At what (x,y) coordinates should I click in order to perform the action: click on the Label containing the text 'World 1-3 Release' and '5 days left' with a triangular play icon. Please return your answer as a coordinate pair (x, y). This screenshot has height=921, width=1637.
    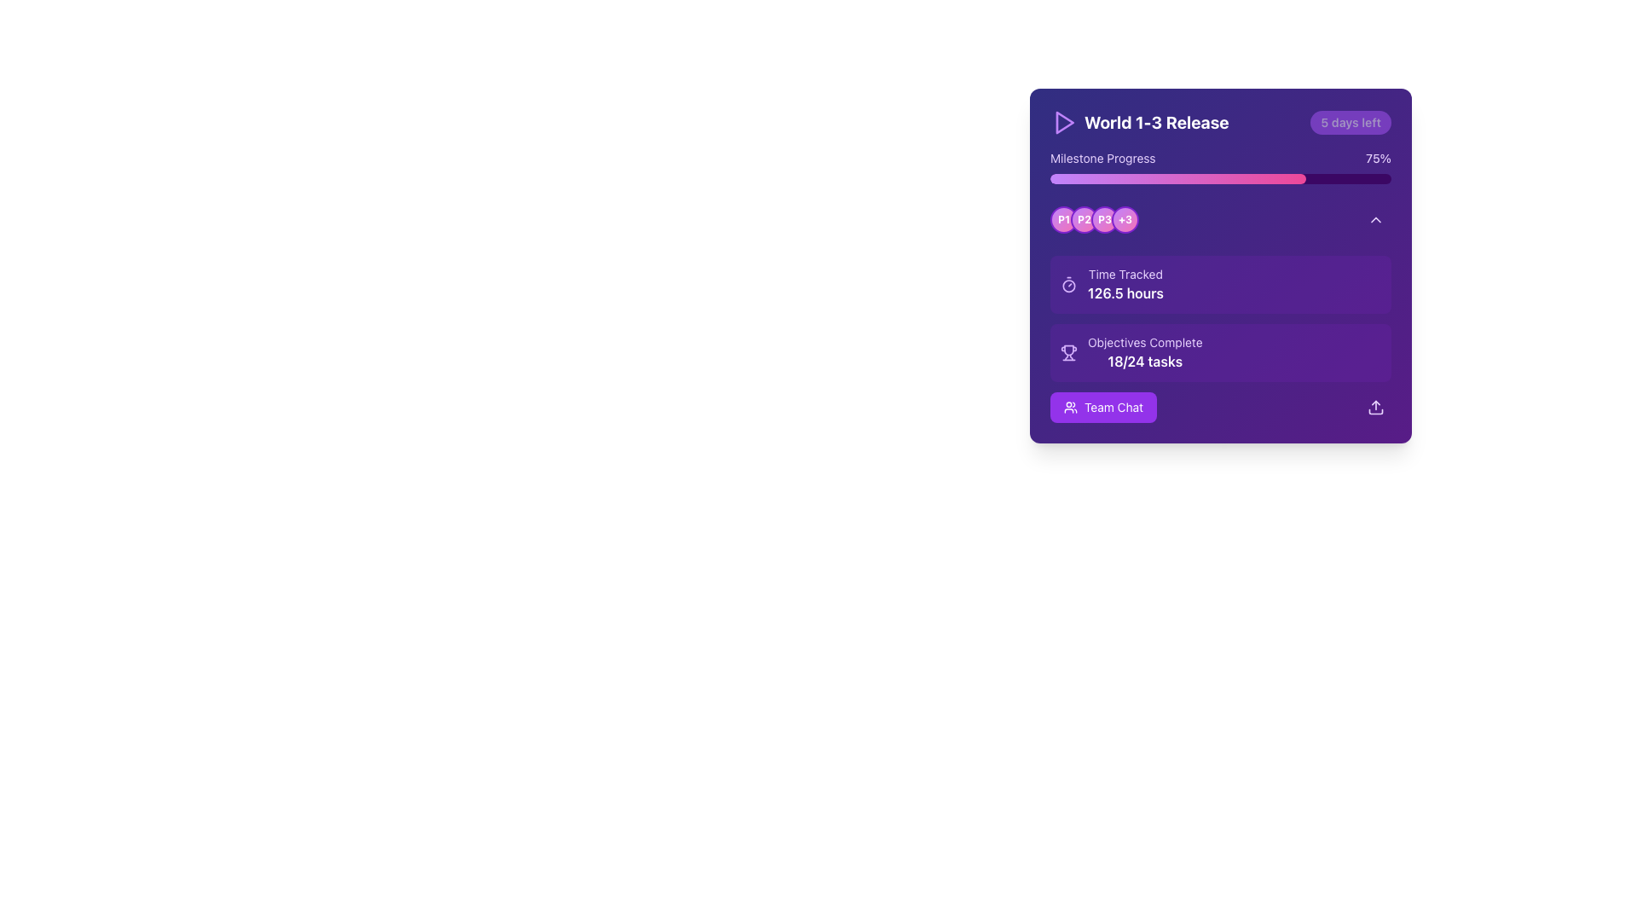
    Looking at the image, I should click on (1219, 121).